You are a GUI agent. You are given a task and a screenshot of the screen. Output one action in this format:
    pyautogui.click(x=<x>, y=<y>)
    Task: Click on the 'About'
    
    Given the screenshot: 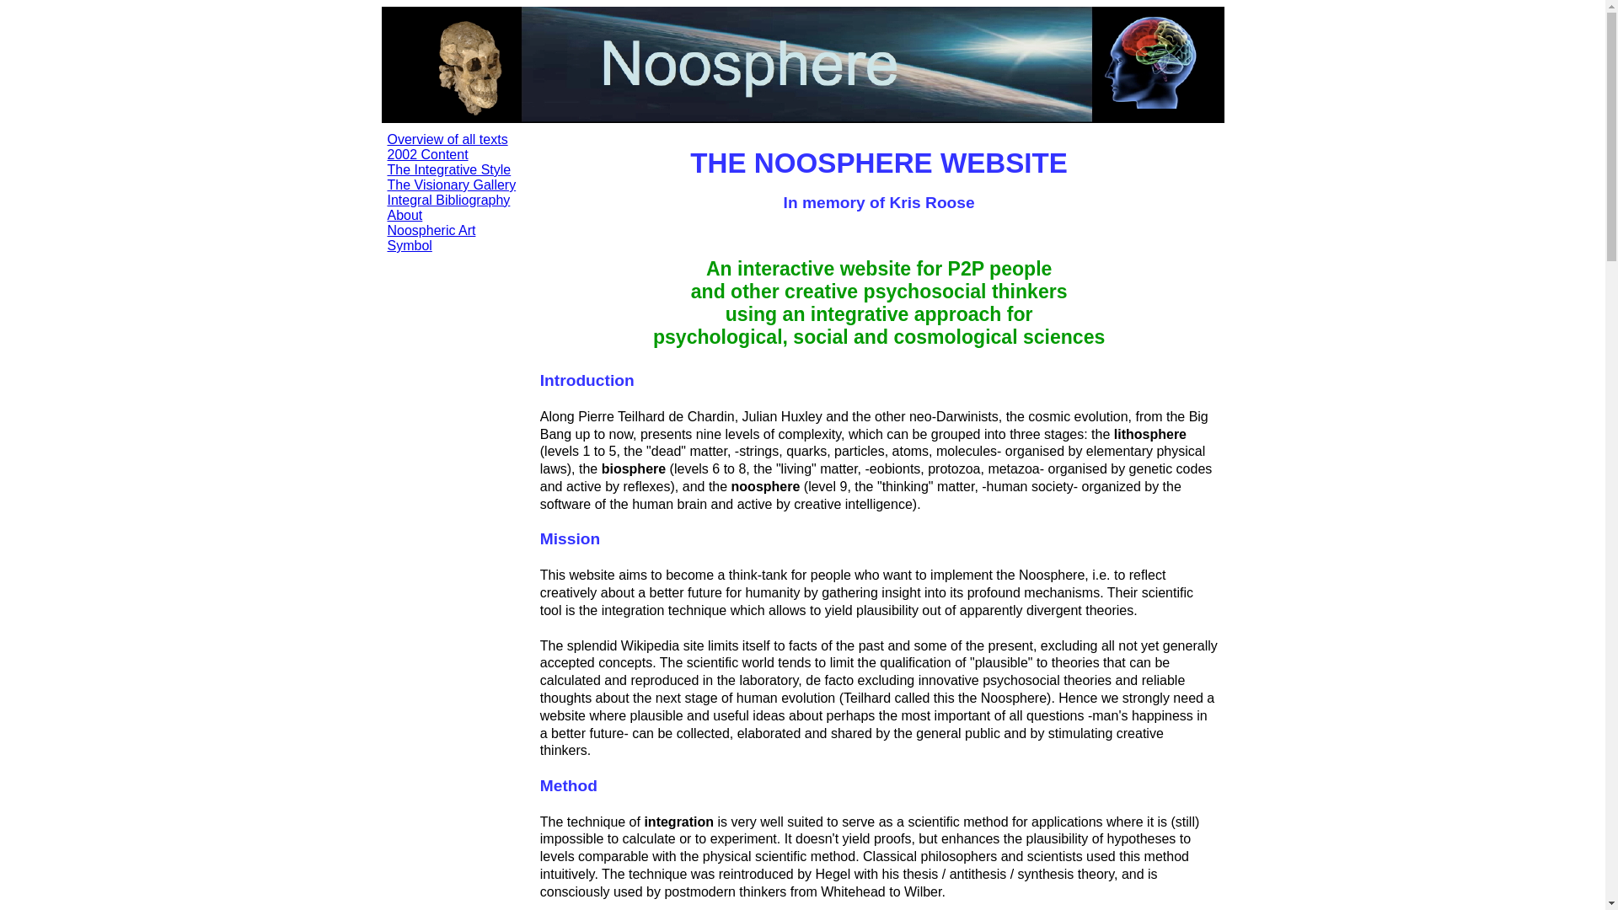 What is the action you would take?
    pyautogui.click(x=404, y=214)
    